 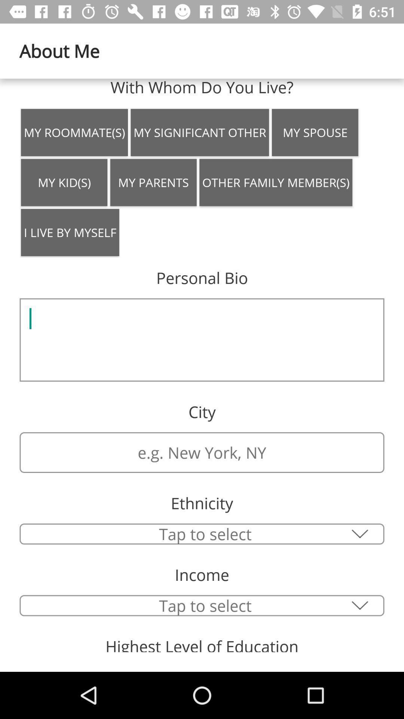 What do you see at coordinates (202, 606) in the screenshot?
I see `tap to select` at bounding box center [202, 606].